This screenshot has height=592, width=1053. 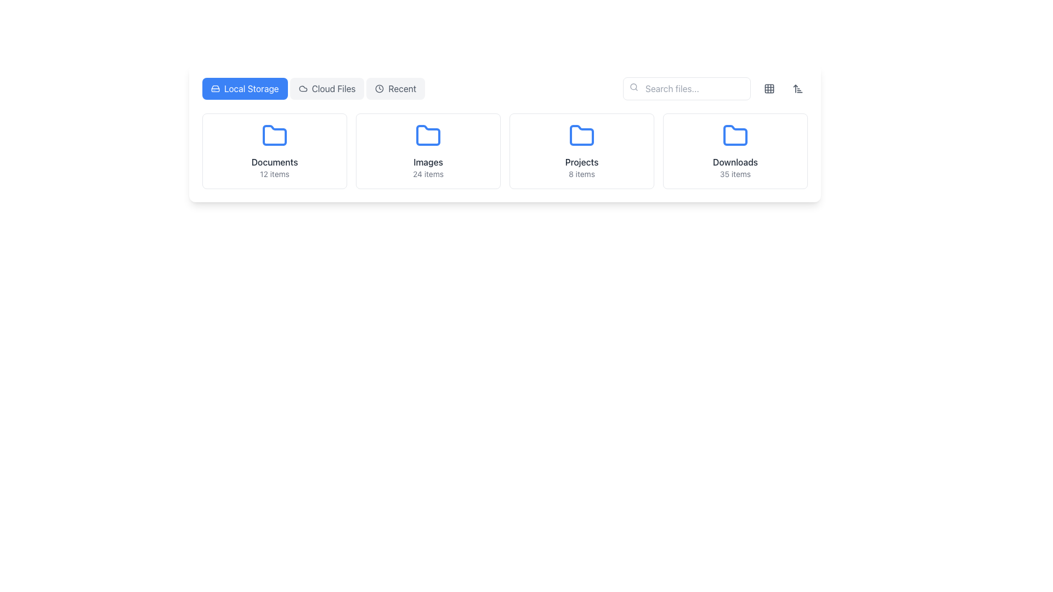 What do you see at coordinates (274, 151) in the screenshot?
I see `the clickable card containing a blue folder icon and the text 'Documents' and '12 items', positioned as the first card on the left in the grid layout` at bounding box center [274, 151].